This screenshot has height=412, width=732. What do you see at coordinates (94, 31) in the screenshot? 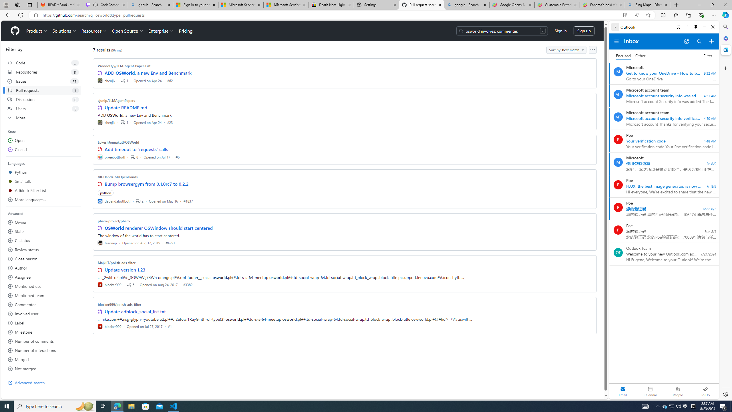
I see `'Resources'` at bounding box center [94, 31].